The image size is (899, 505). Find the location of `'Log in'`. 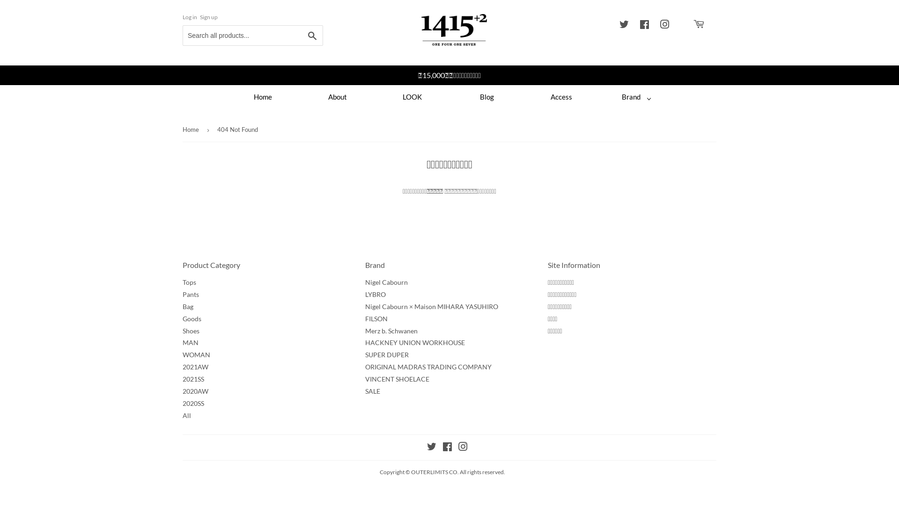

'Log in' is located at coordinates (189, 17).